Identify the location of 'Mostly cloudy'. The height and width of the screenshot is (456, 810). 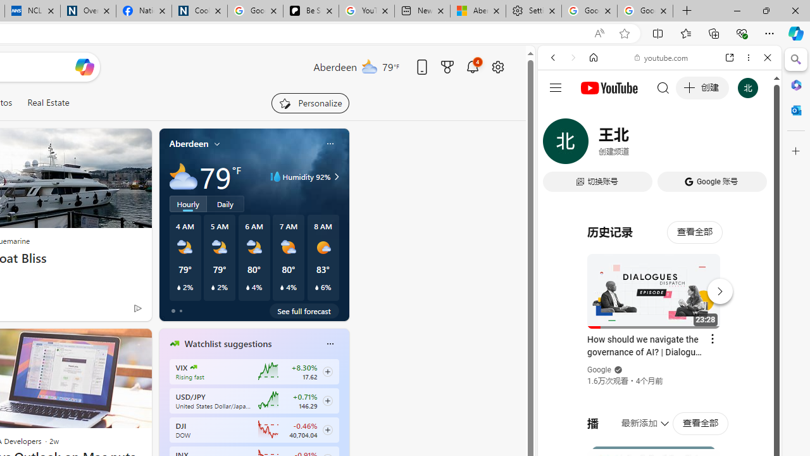
(182, 177).